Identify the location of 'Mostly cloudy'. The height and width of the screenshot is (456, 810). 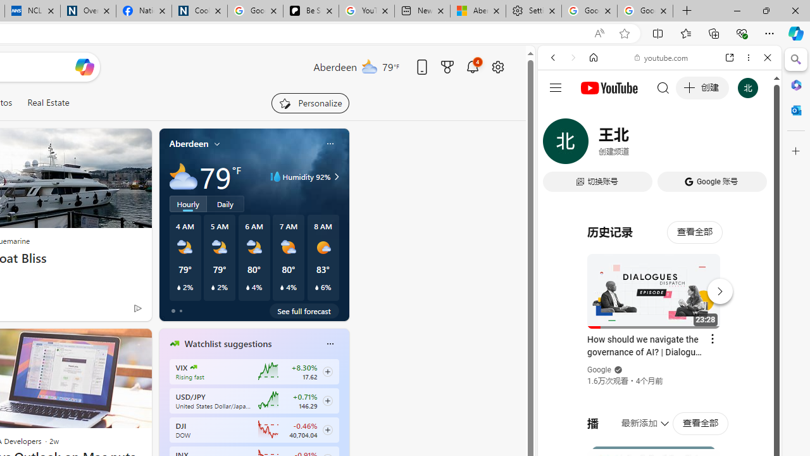
(182, 177).